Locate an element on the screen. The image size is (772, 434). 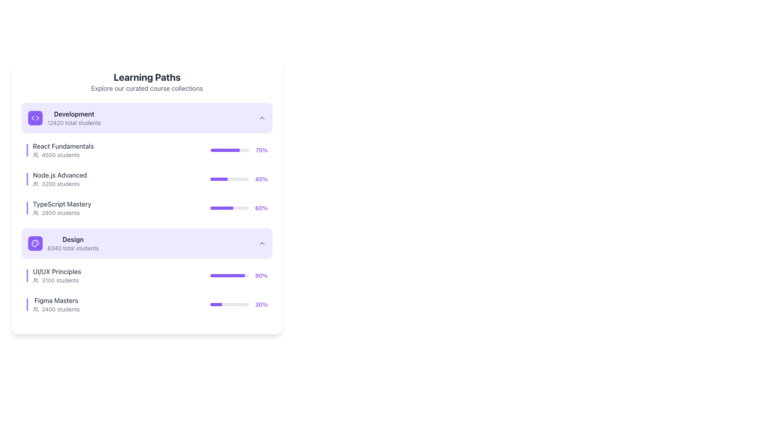
the Progress Indicator for the 'Node.js Advanced' course, which visually represents a progress of 45% and is located to the right of the course title and student count is located at coordinates (238, 179).